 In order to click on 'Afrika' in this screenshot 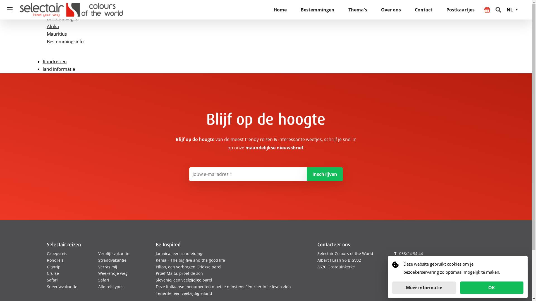, I will do `click(53, 26)`.